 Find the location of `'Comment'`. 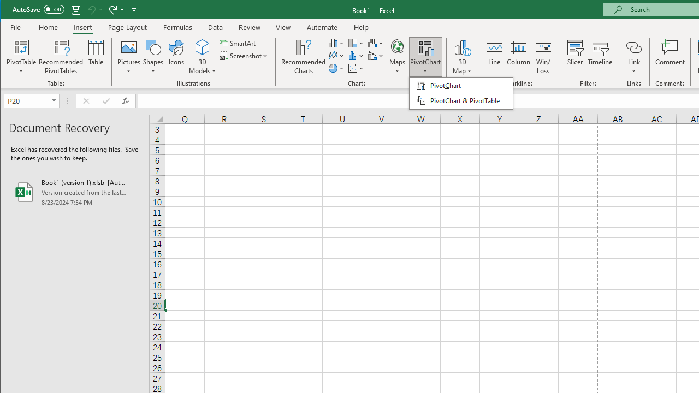

'Comment' is located at coordinates (670, 57).